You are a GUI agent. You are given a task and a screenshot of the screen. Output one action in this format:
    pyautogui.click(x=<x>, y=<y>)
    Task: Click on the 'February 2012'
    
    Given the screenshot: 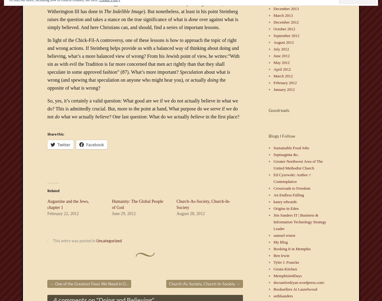 What is the action you would take?
    pyautogui.click(x=274, y=82)
    